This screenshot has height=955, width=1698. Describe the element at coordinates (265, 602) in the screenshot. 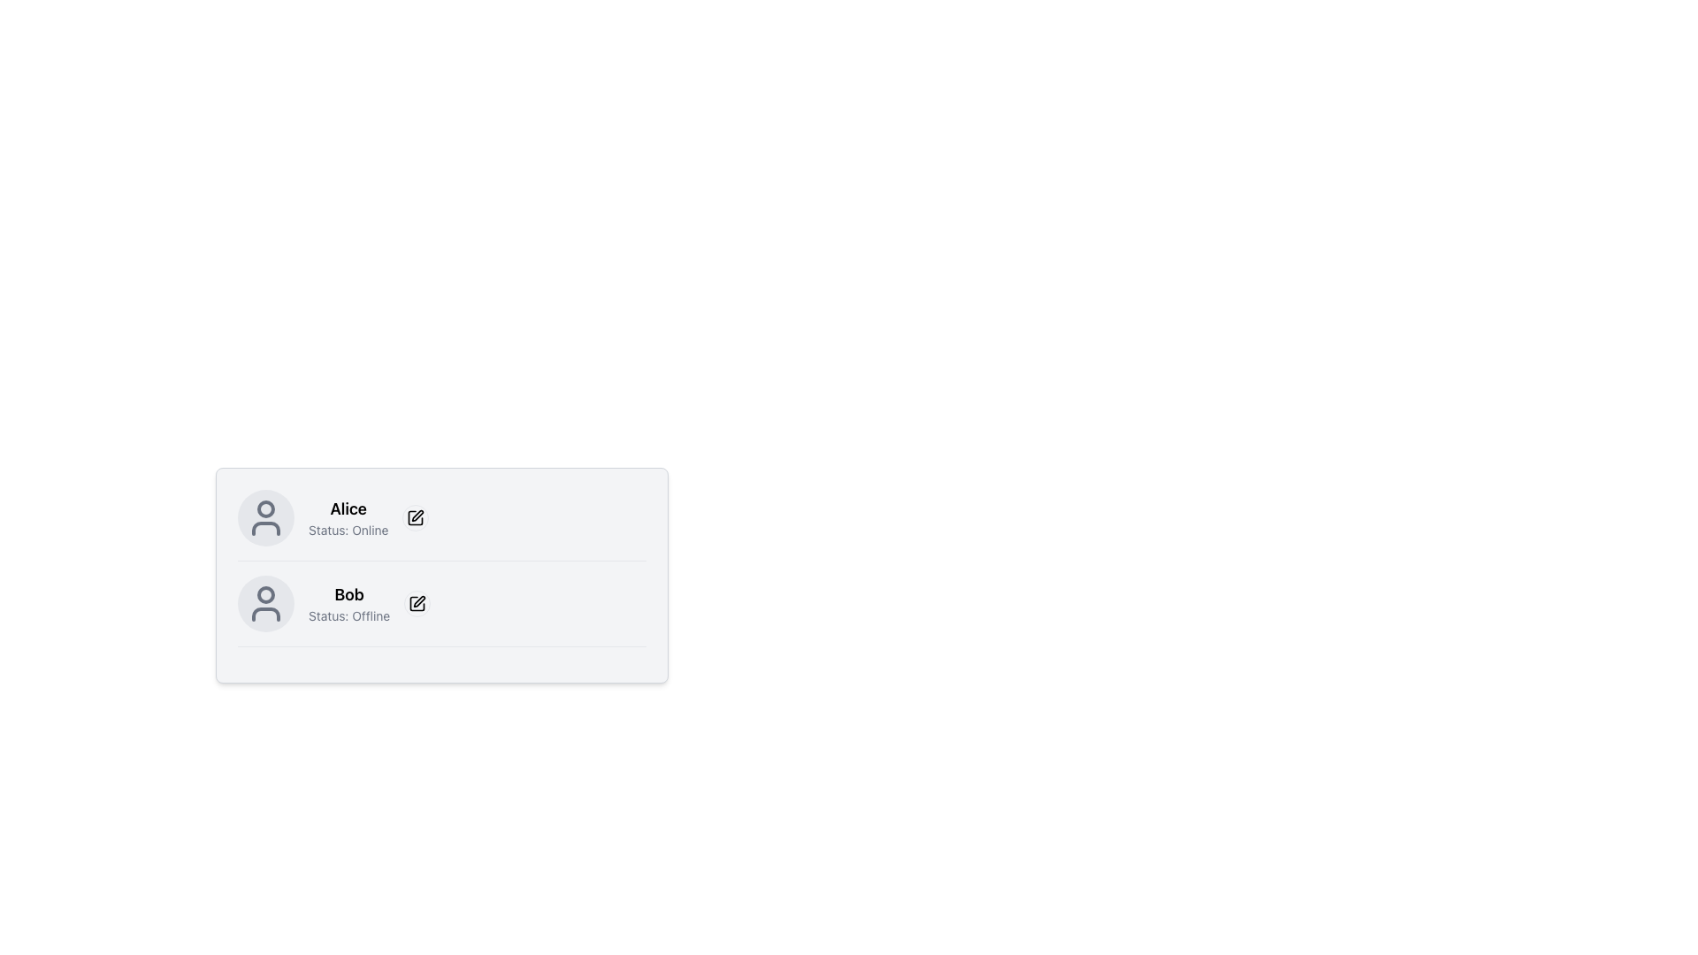

I see `the user icon for 'Bob' located at the leftmost side of the second user entry in the list of user profiles` at that location.